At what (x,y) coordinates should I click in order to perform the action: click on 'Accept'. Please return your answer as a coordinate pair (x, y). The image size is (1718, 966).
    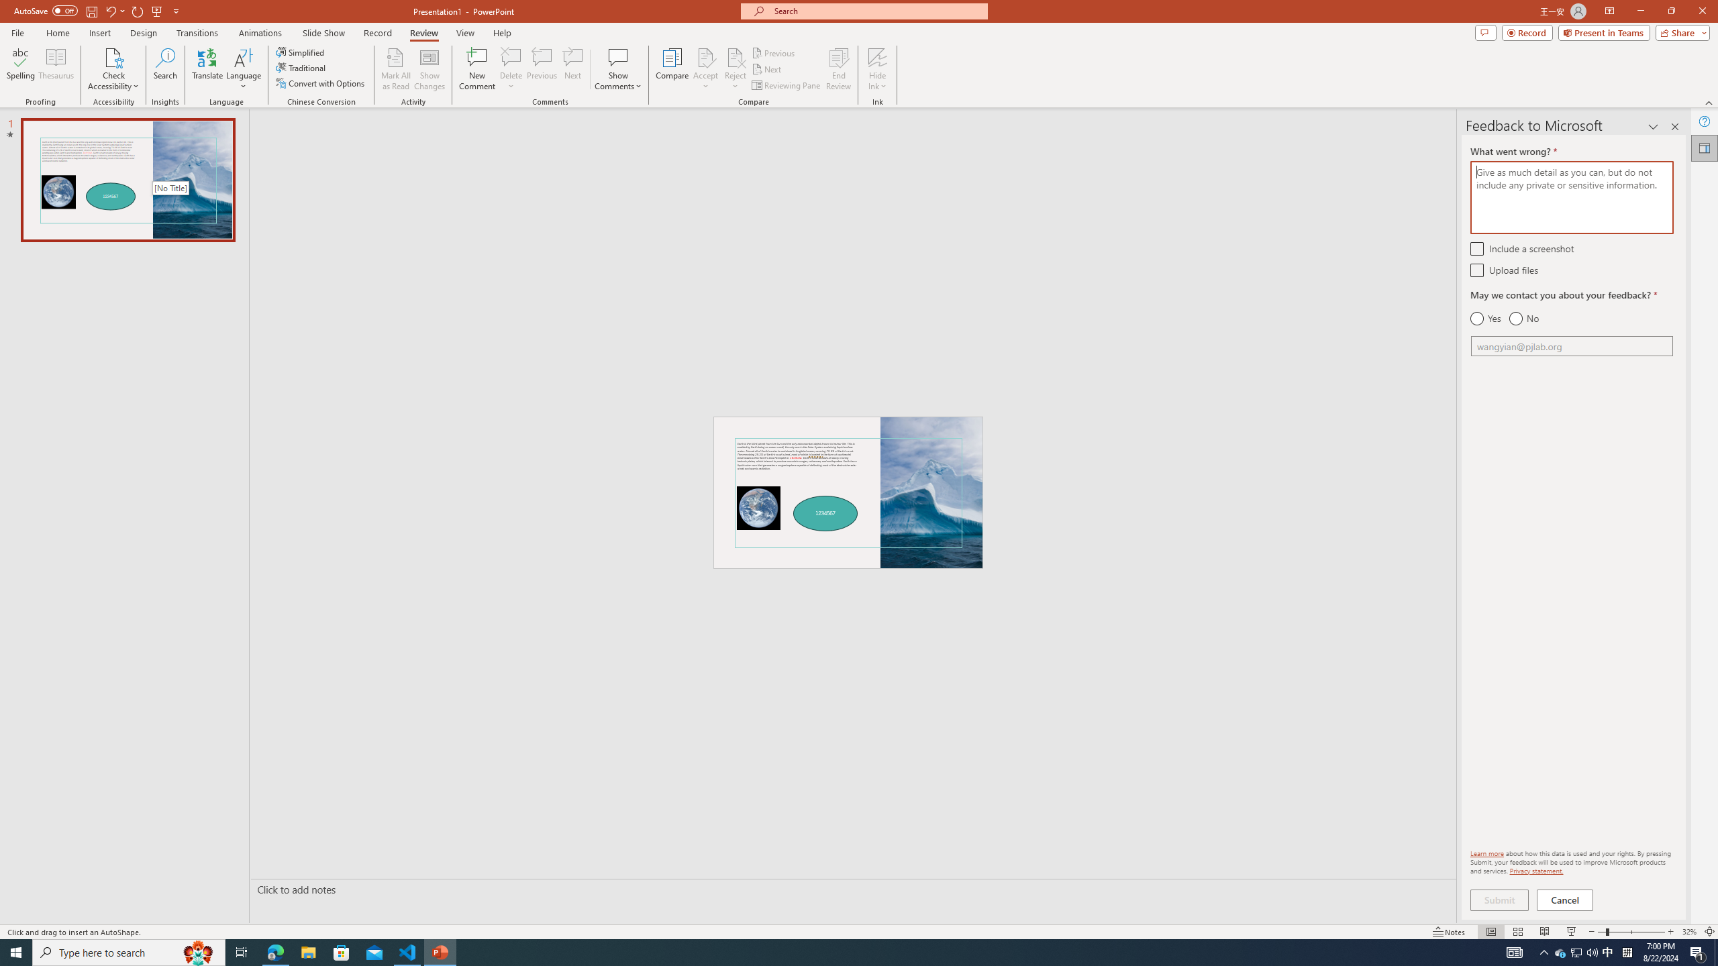
    Looking at the image, I should click on (705, 69).